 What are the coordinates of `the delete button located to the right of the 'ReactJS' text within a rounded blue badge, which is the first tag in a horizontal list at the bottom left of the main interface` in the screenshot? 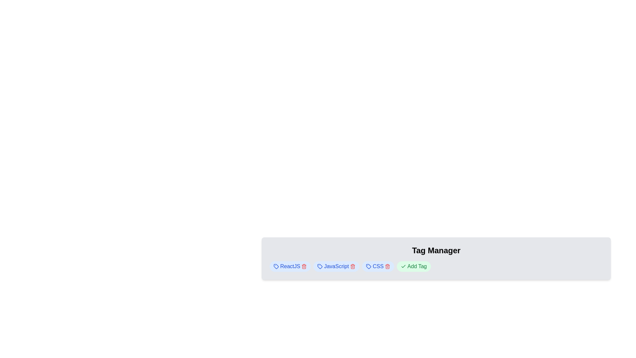 It's located at (303, 266).